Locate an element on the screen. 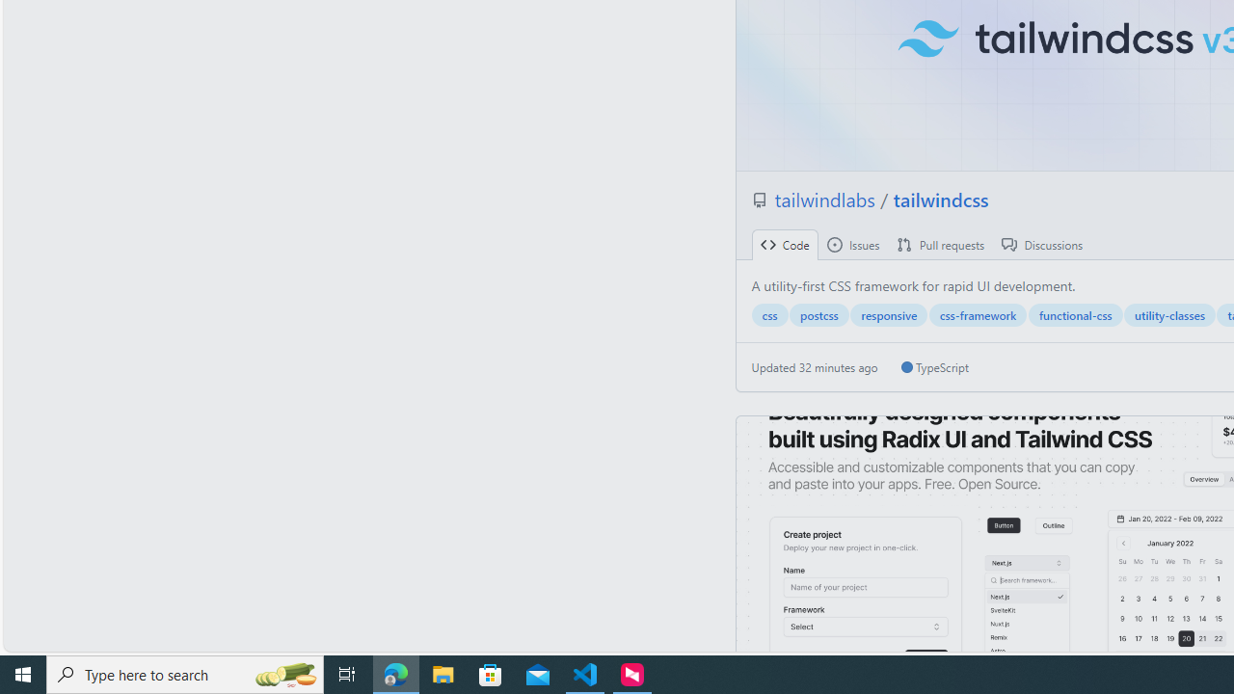 The image size is (1234, 694). 'postcss' is located at coordinates (818, 314).